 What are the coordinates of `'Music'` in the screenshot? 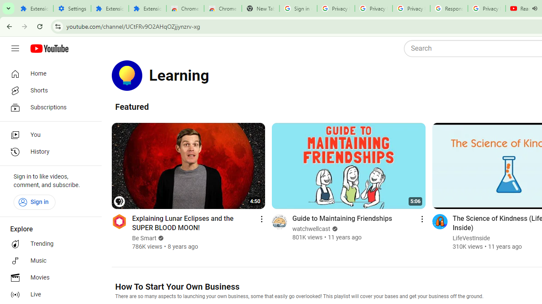 It's located at (47, 261).